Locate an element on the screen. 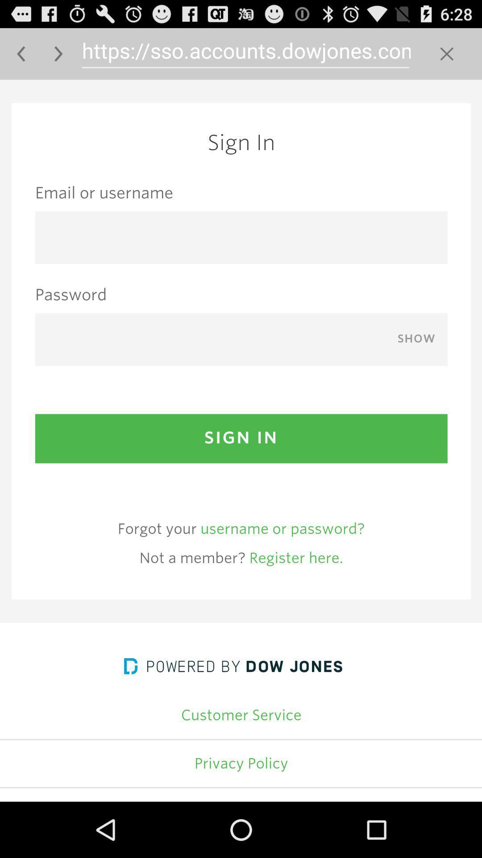 The image size is (482, 858). to delete the complete text is located at coordinates (447, 53).